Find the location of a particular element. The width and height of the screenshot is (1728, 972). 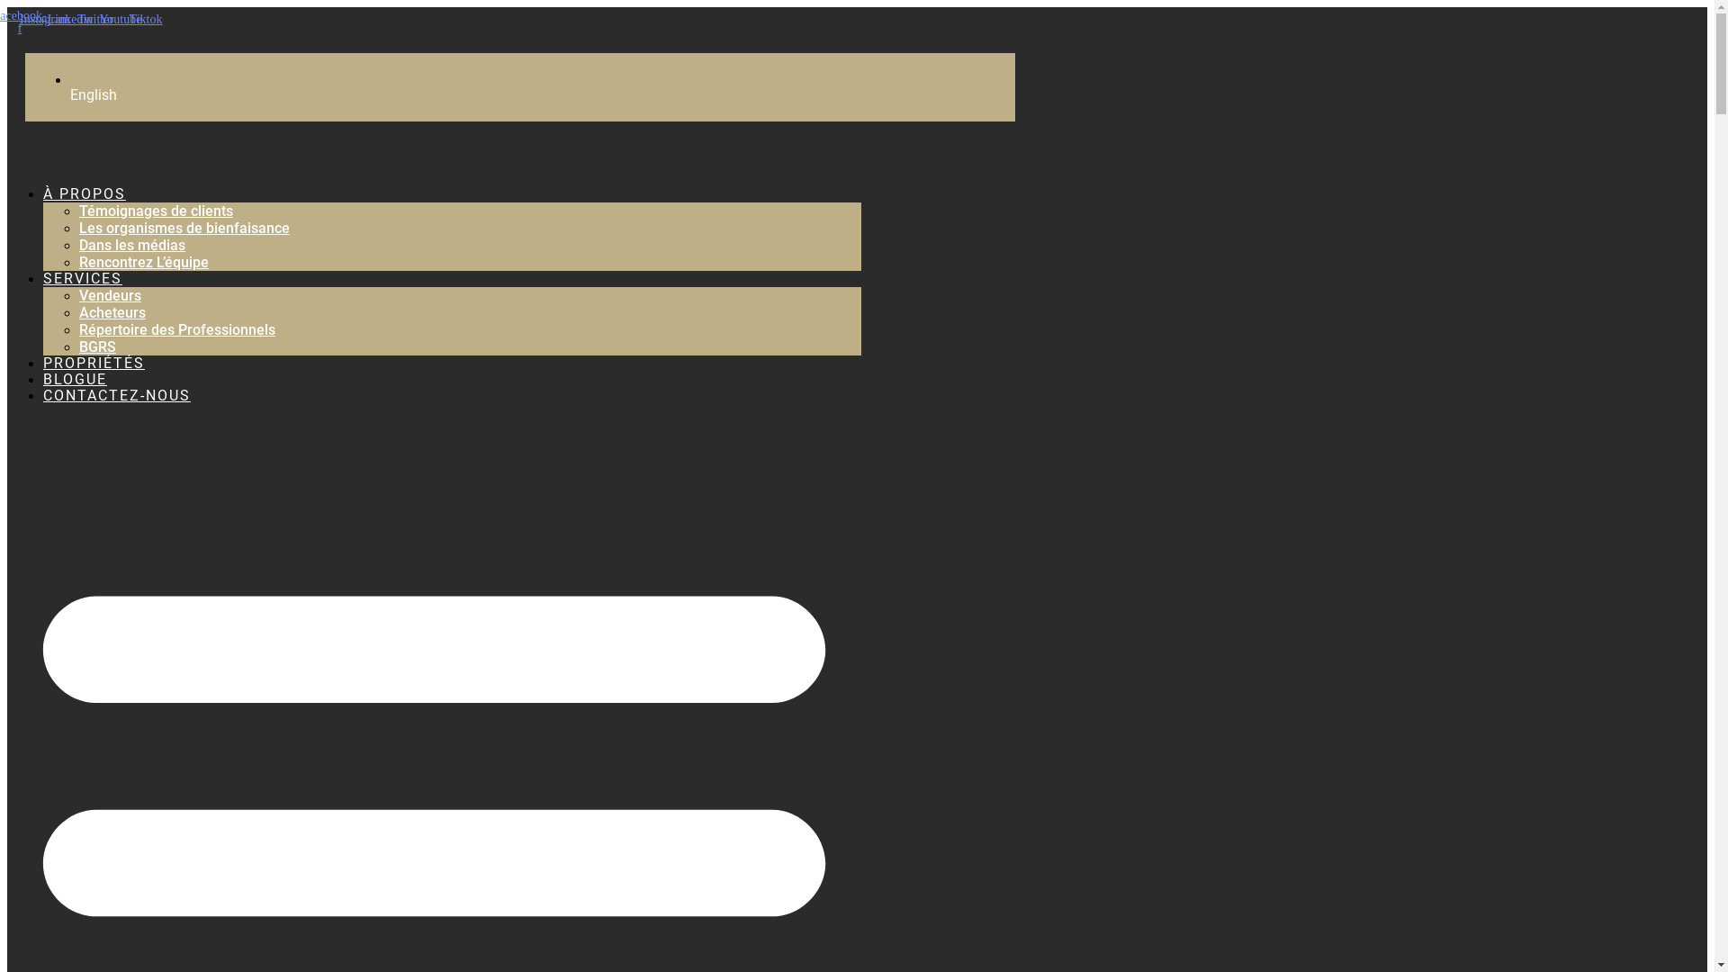

'Acheteurs' is located at coordinates (77, 311).